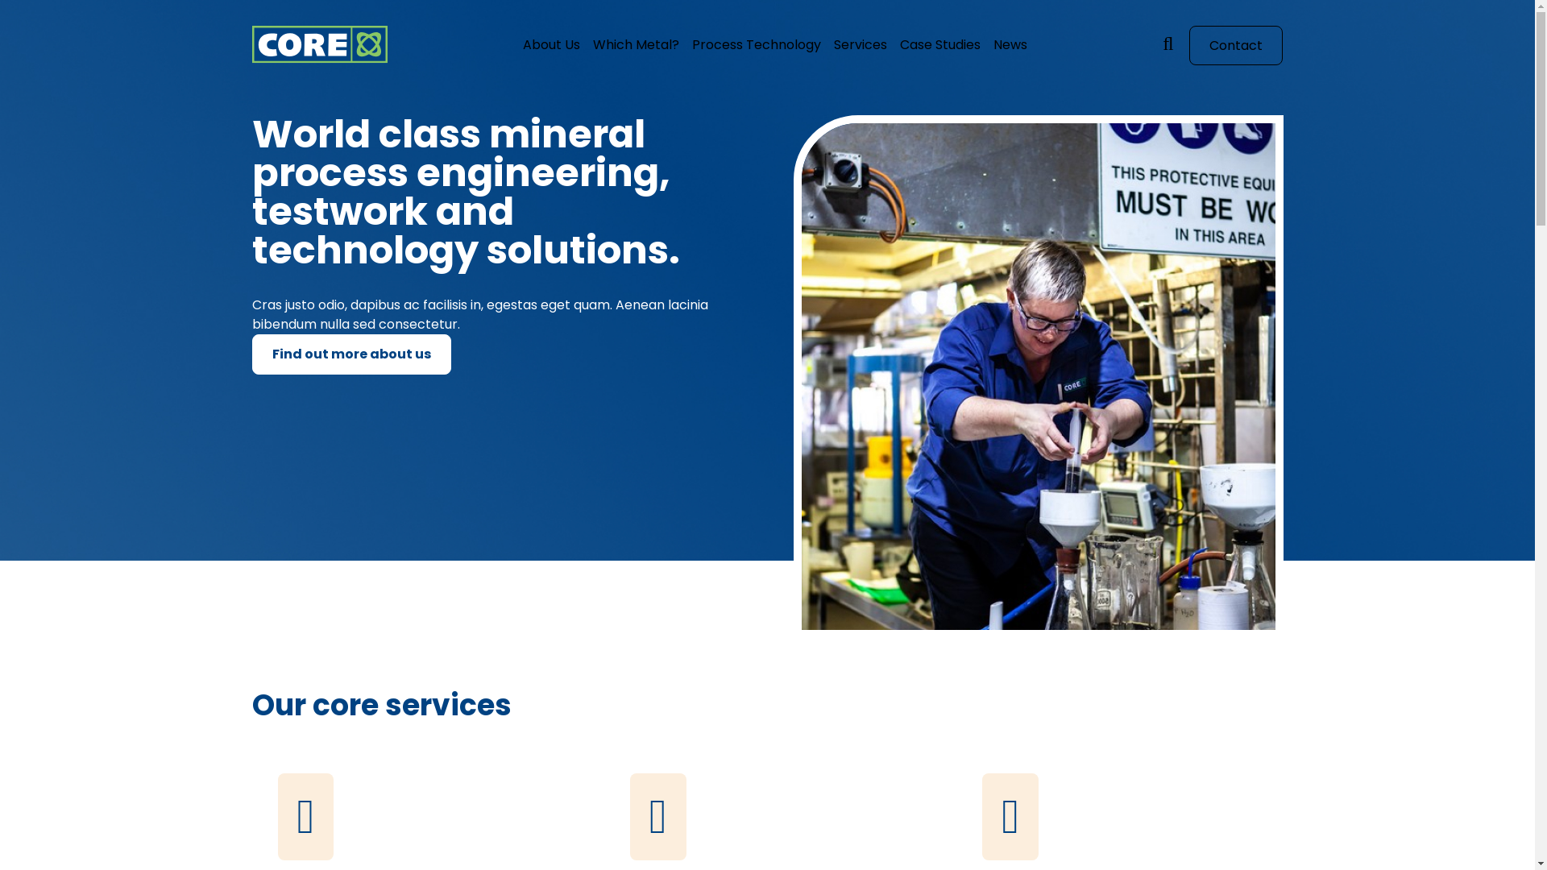  What do you see at coordinates (635, 43) in the screenshot?
I see `'Which Metal?'` at bounding box center [635, 43].